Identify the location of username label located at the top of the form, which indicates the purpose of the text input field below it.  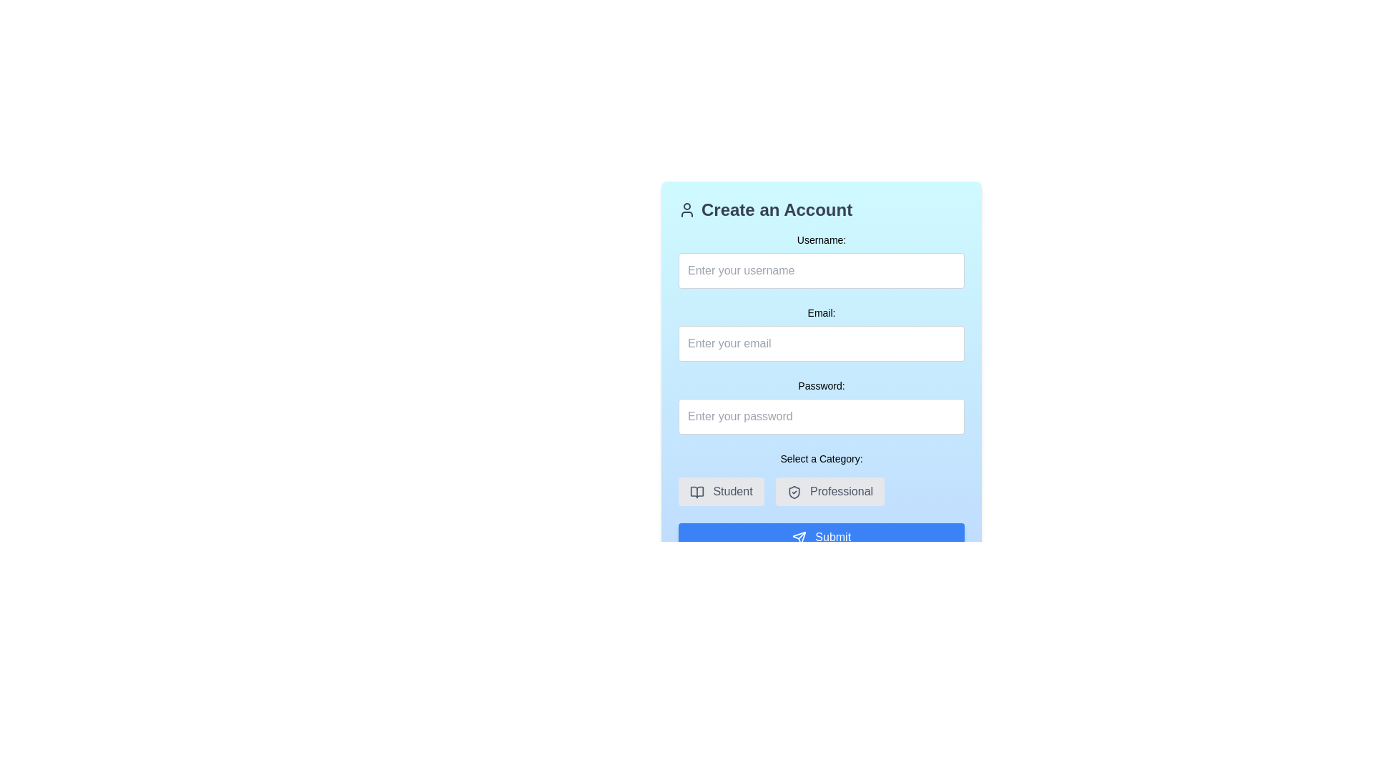
(821, 239).